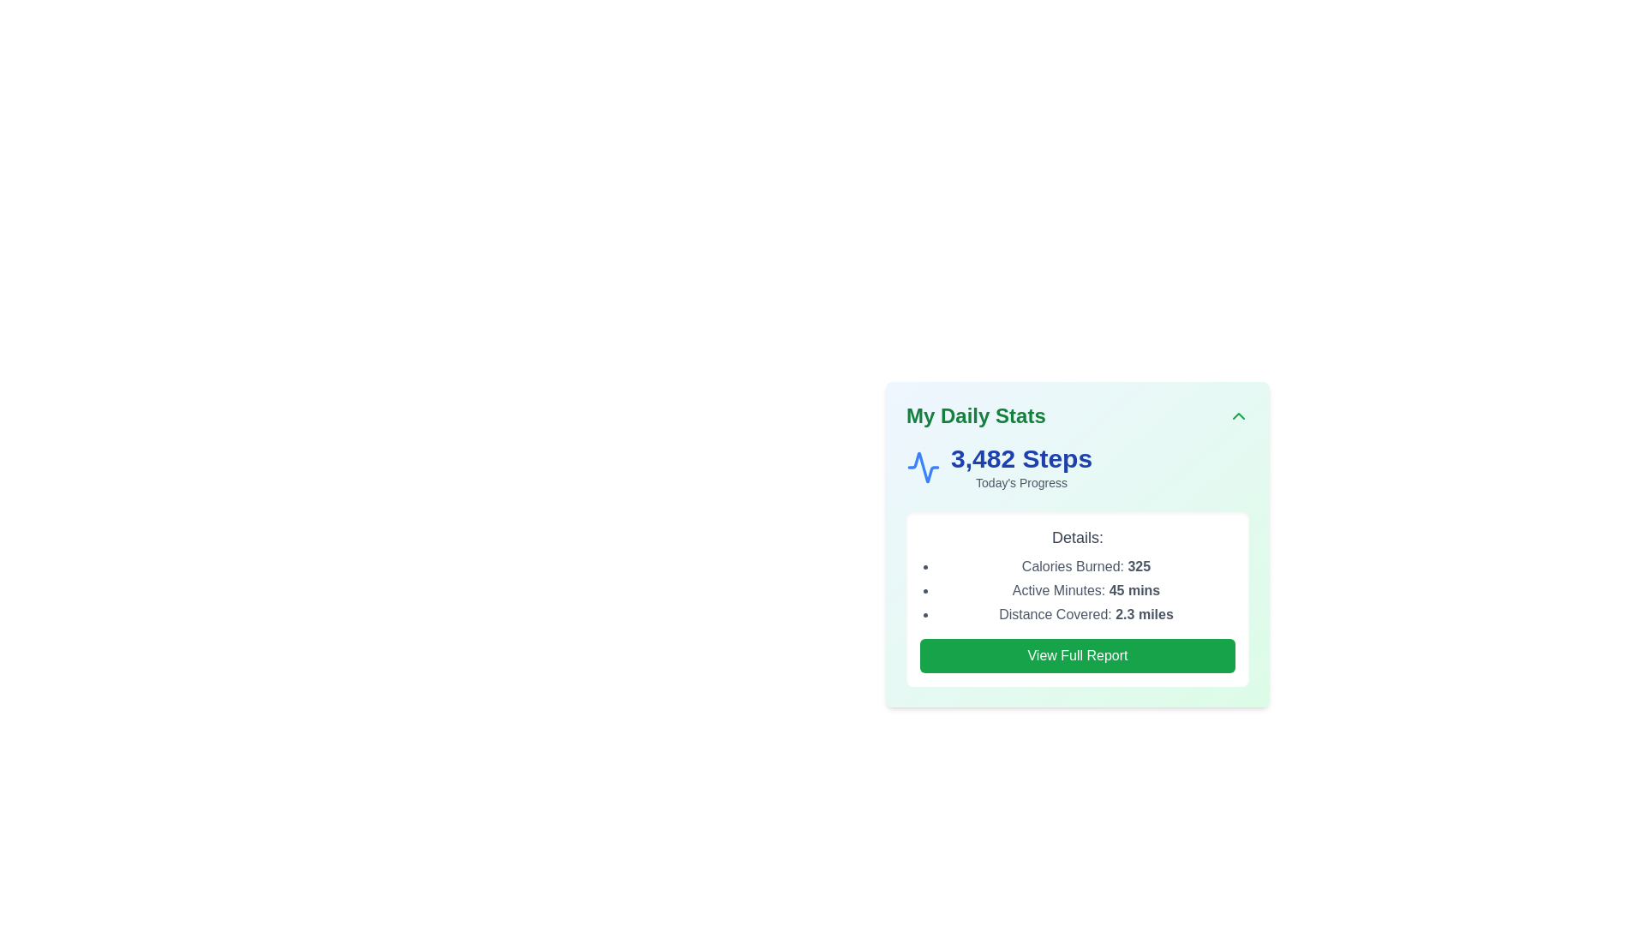 The height and width of the screenshot is (925, 1645). What do you see at coordinates (1076, 655) in the screenshot?
I see `the 'View Full Report' button with rounded corners and a bright green background` at bounding box center [1076, 655].